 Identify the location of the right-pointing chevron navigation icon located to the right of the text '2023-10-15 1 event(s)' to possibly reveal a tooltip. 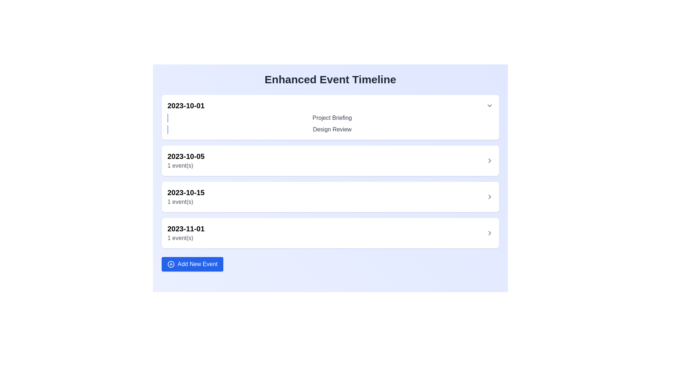
(489, 197).